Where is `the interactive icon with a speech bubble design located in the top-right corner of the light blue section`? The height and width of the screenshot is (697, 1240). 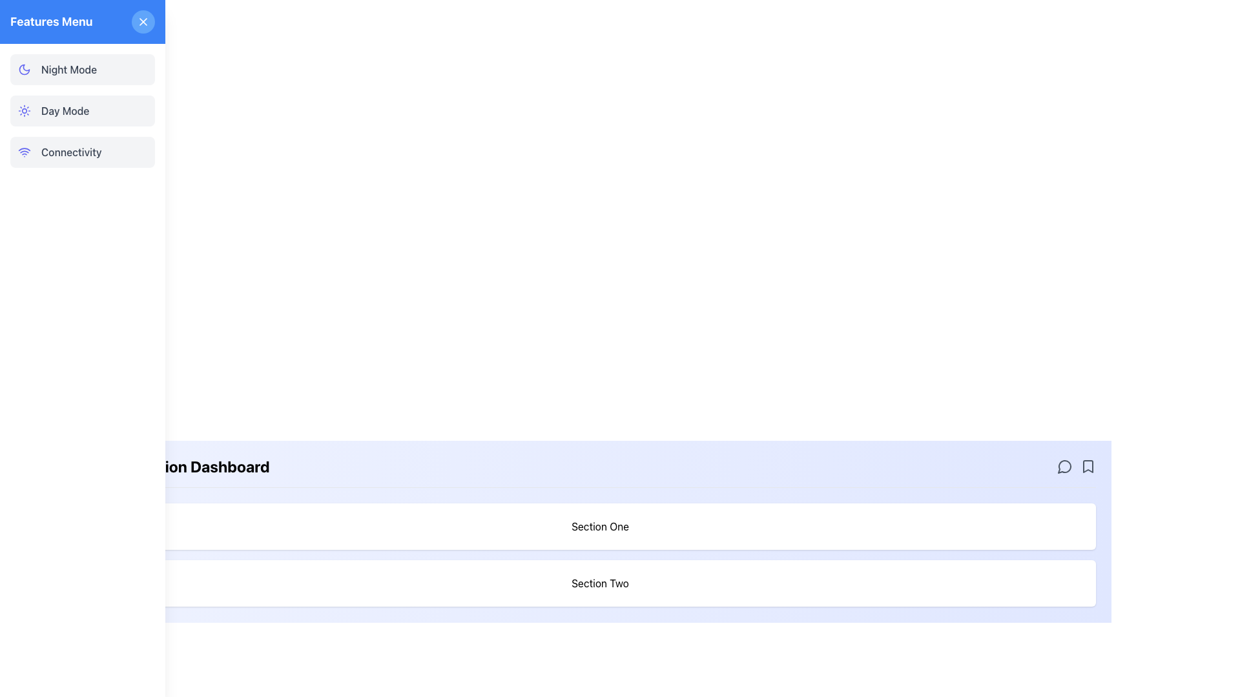 the interactive icon with a speech bubble design located in the top-right corner of the light blue section is located at coordinates (1065, 466).